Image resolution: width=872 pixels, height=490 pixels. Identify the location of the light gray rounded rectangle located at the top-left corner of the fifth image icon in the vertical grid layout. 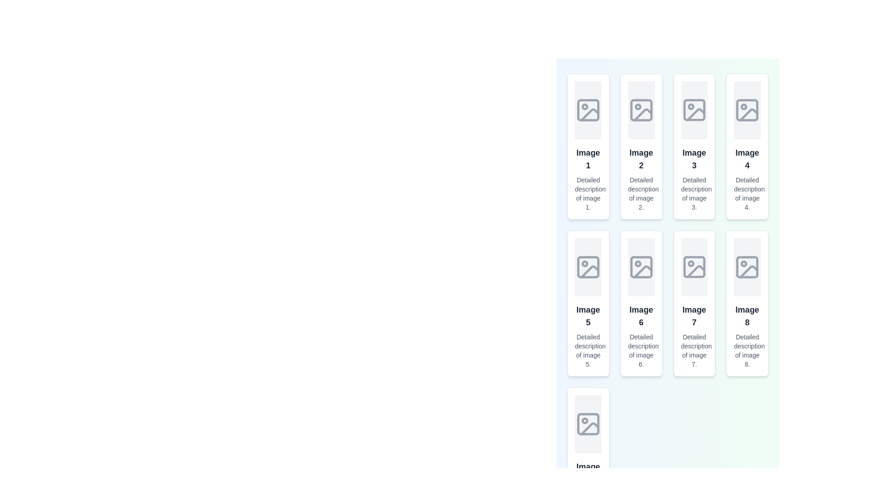
(588, 267).